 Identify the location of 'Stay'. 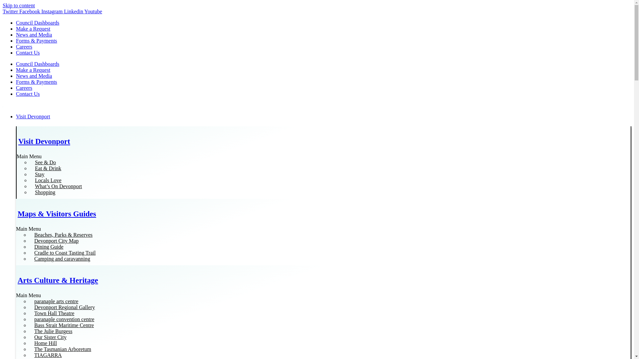
(39, 174).